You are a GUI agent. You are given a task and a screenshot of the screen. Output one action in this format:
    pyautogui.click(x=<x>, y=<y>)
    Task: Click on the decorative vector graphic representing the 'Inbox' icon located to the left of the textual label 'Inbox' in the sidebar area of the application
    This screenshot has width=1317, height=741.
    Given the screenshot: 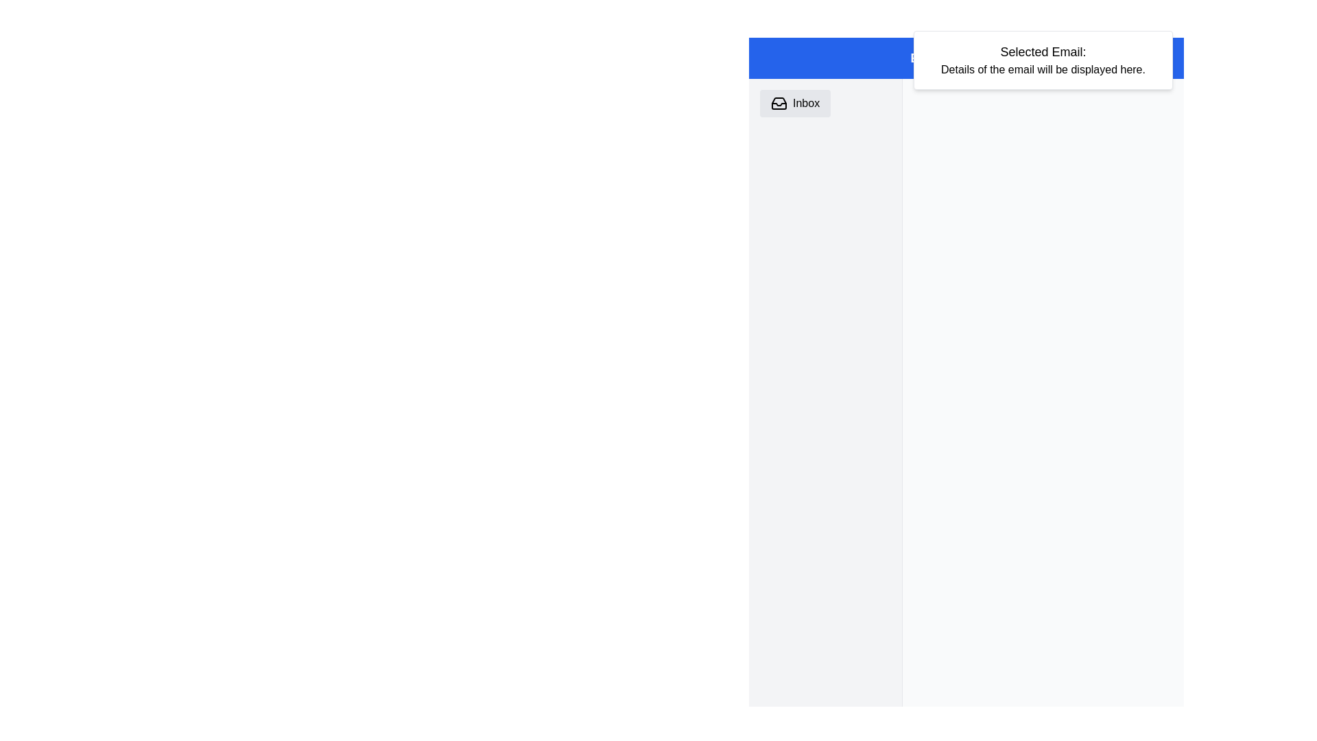 What is the action you would take?
    pyautogui.click(x=779, y=102)
    